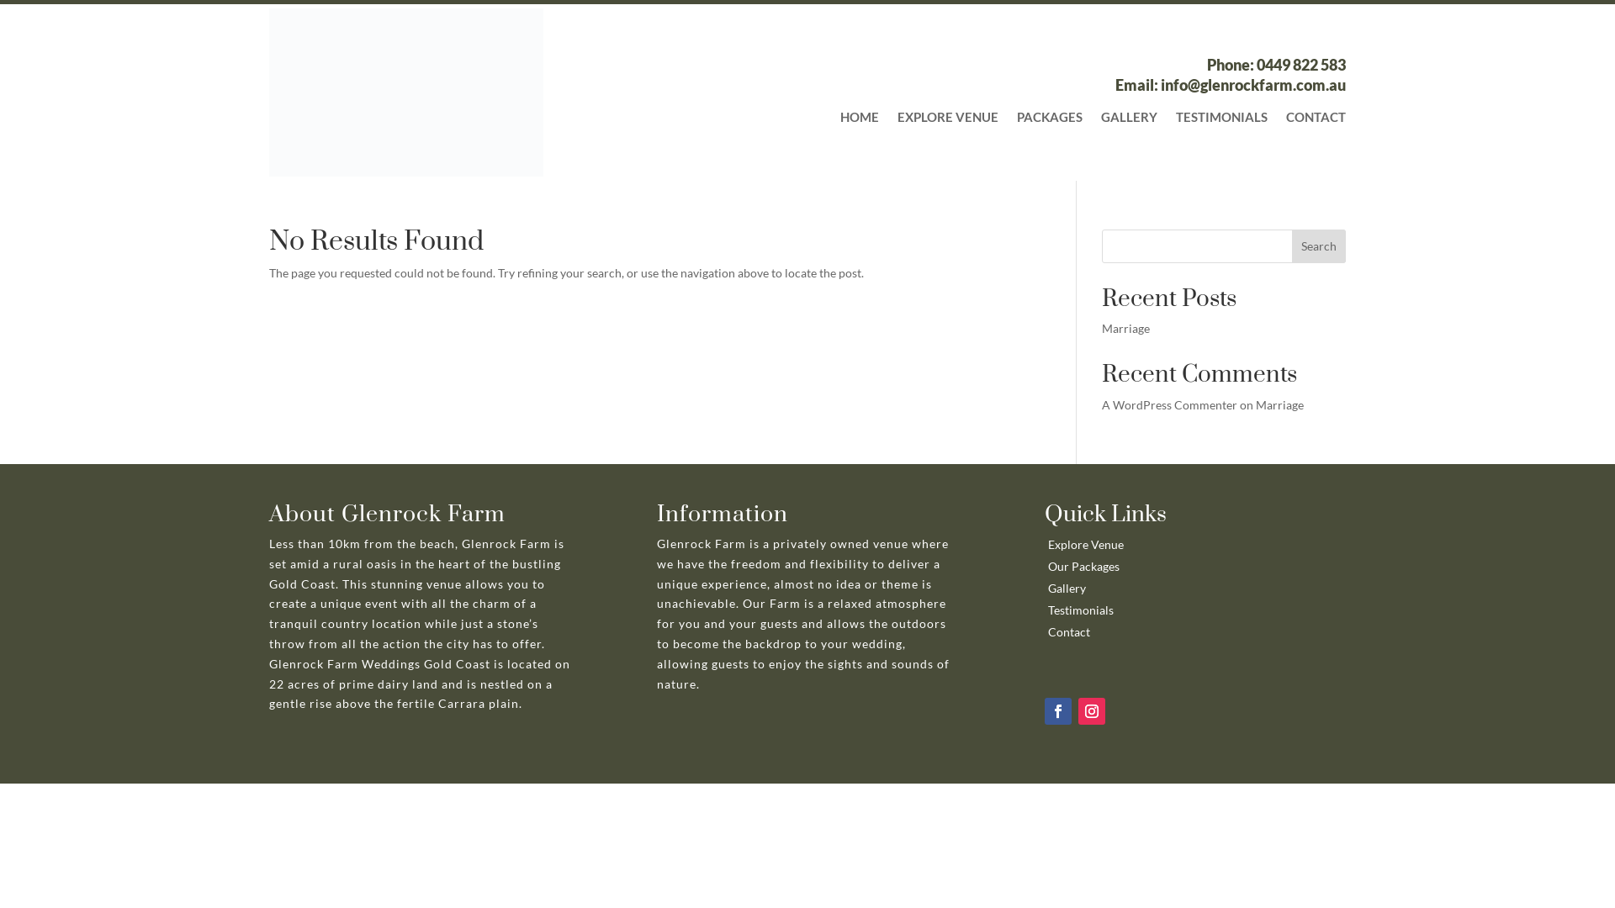 This screenshot has height=908, width=1615. What do you see at coordinates (1101, 119) in the screenshot?
I see `'GALLERY'` at bounding box center [1101, 119].